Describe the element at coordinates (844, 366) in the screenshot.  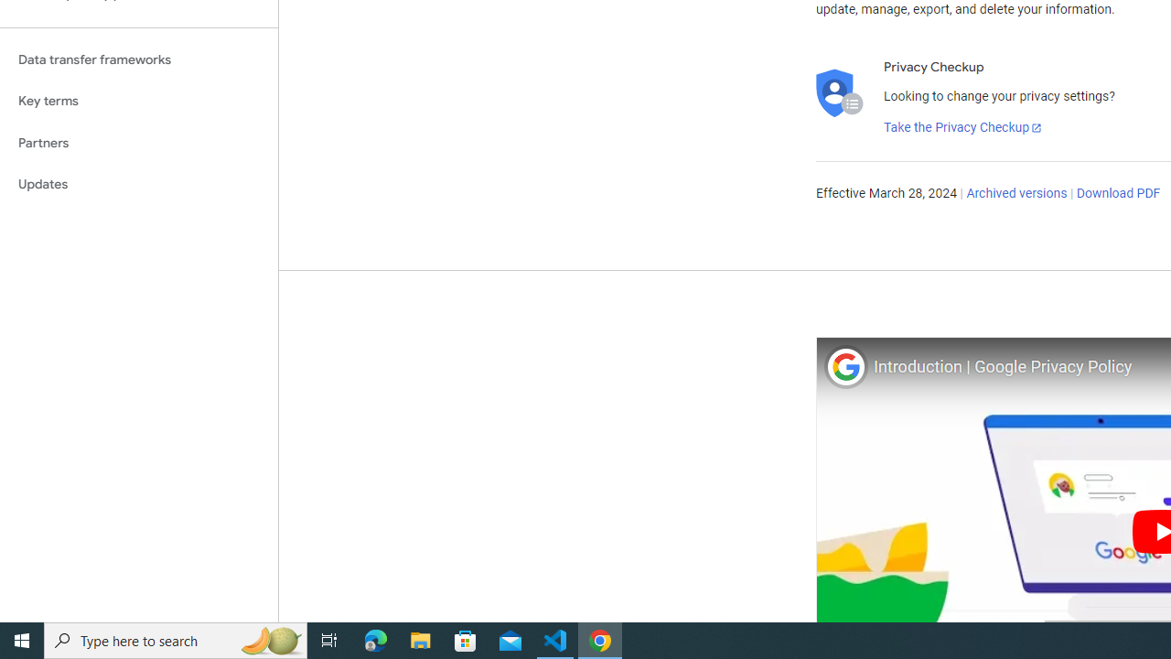
I see `'Photo image of Google'` at that location.